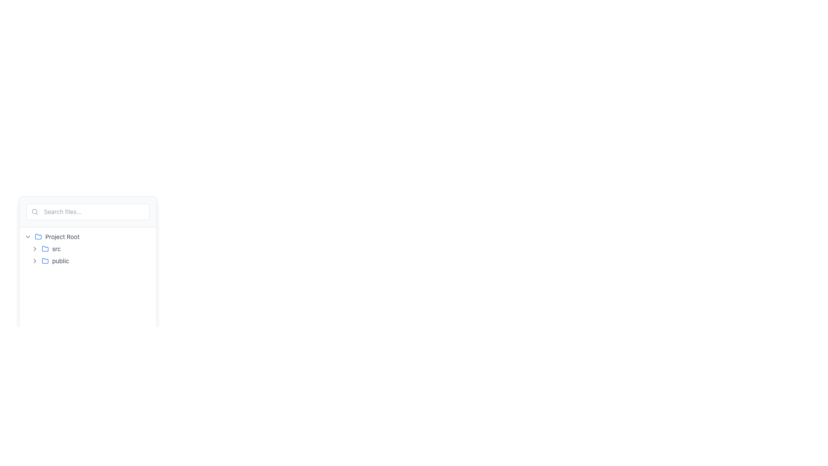  I want to click on static text label that indicates the root directory of the project within the file navigation panel, located near the top-left section of the layout, so click(62, 236).